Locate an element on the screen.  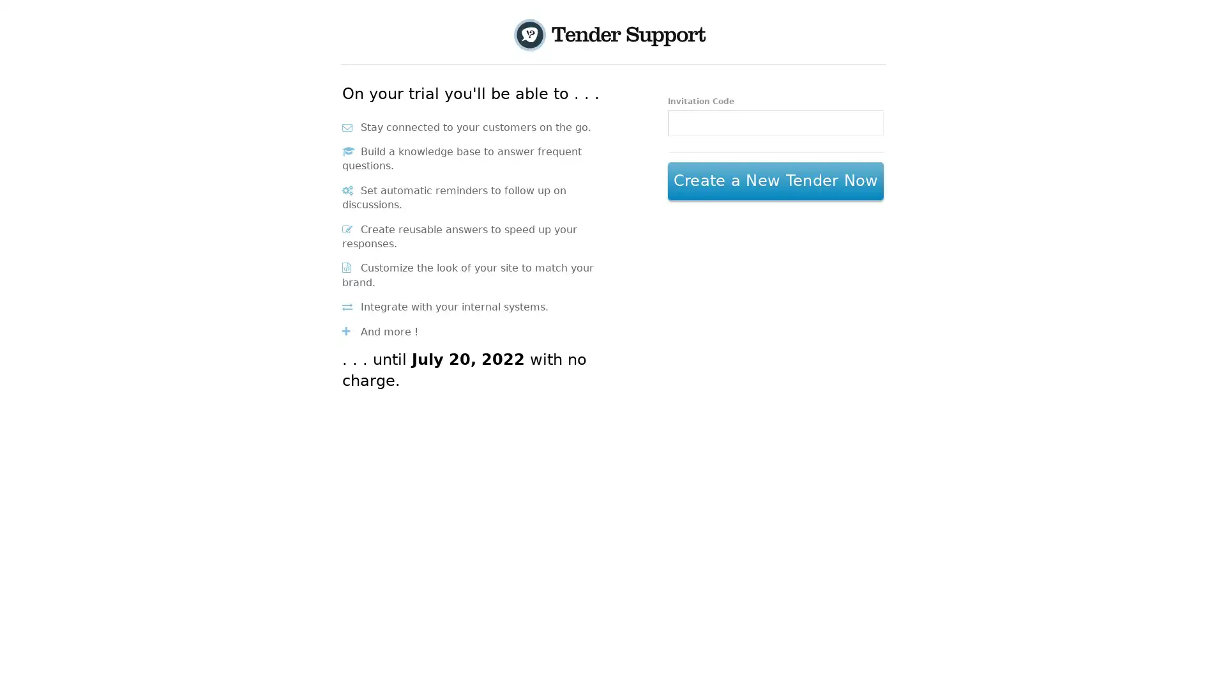
Create a New Tender Now is located at coordinates (775, 181).